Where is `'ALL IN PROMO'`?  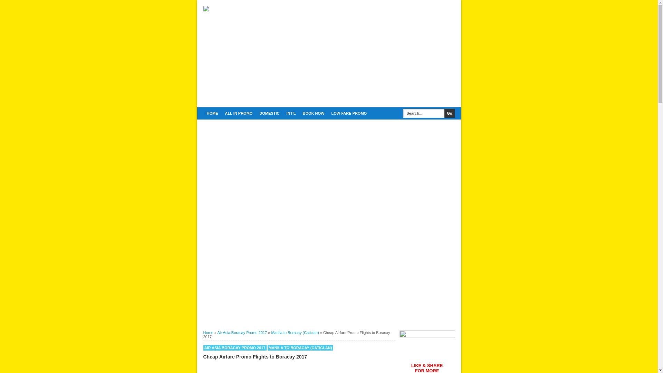
'ALL IN PROMO' is located at coordinates (239, 113).